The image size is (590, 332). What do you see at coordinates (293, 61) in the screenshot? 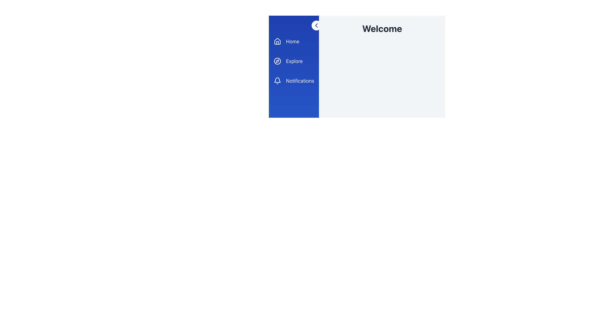
I see `the vertical navigation menu containing interactive list items that allows navigation to Home, Explore, and Notifications` at bounding box center [293, 61].